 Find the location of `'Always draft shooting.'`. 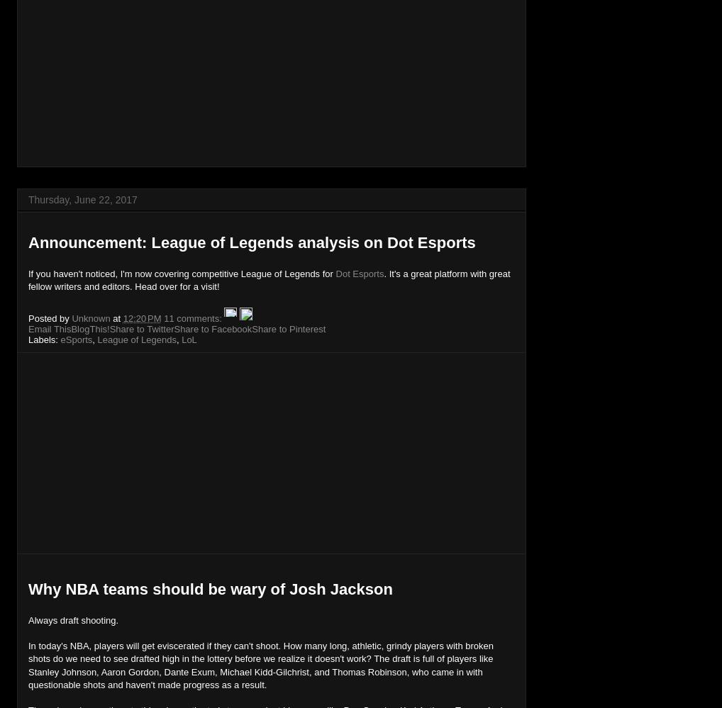

'Always draft shooting.' is located at coordinates (72, 619).